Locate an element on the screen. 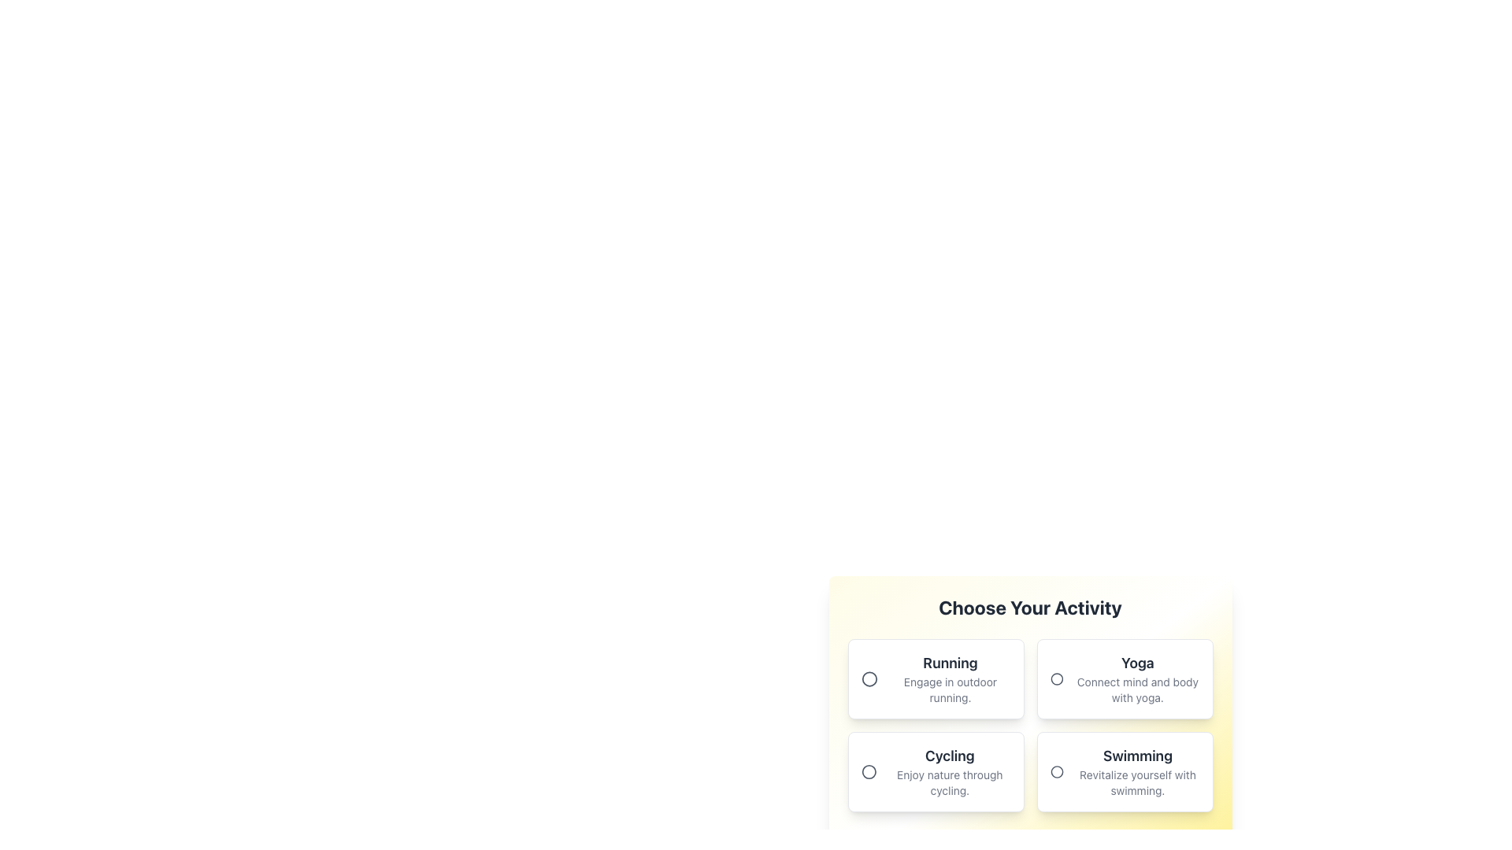 The image size is (1512, 850). the text label that reads 'Enjoy nature through cycling.' located beneath the title 'Cycling' in the 'Cycling' card is located at coordinates (949, 783).